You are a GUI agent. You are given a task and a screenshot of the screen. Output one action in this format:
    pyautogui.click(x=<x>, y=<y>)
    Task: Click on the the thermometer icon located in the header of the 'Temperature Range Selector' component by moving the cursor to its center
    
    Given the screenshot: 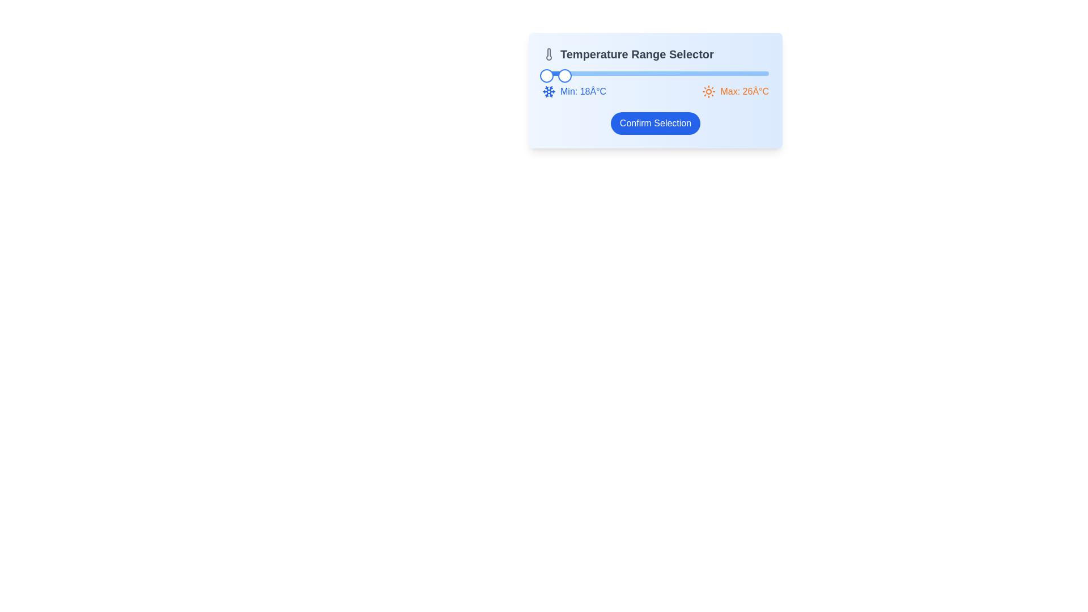 What is the action you would take?
    pyautogui.click(x=549, y=54)
    